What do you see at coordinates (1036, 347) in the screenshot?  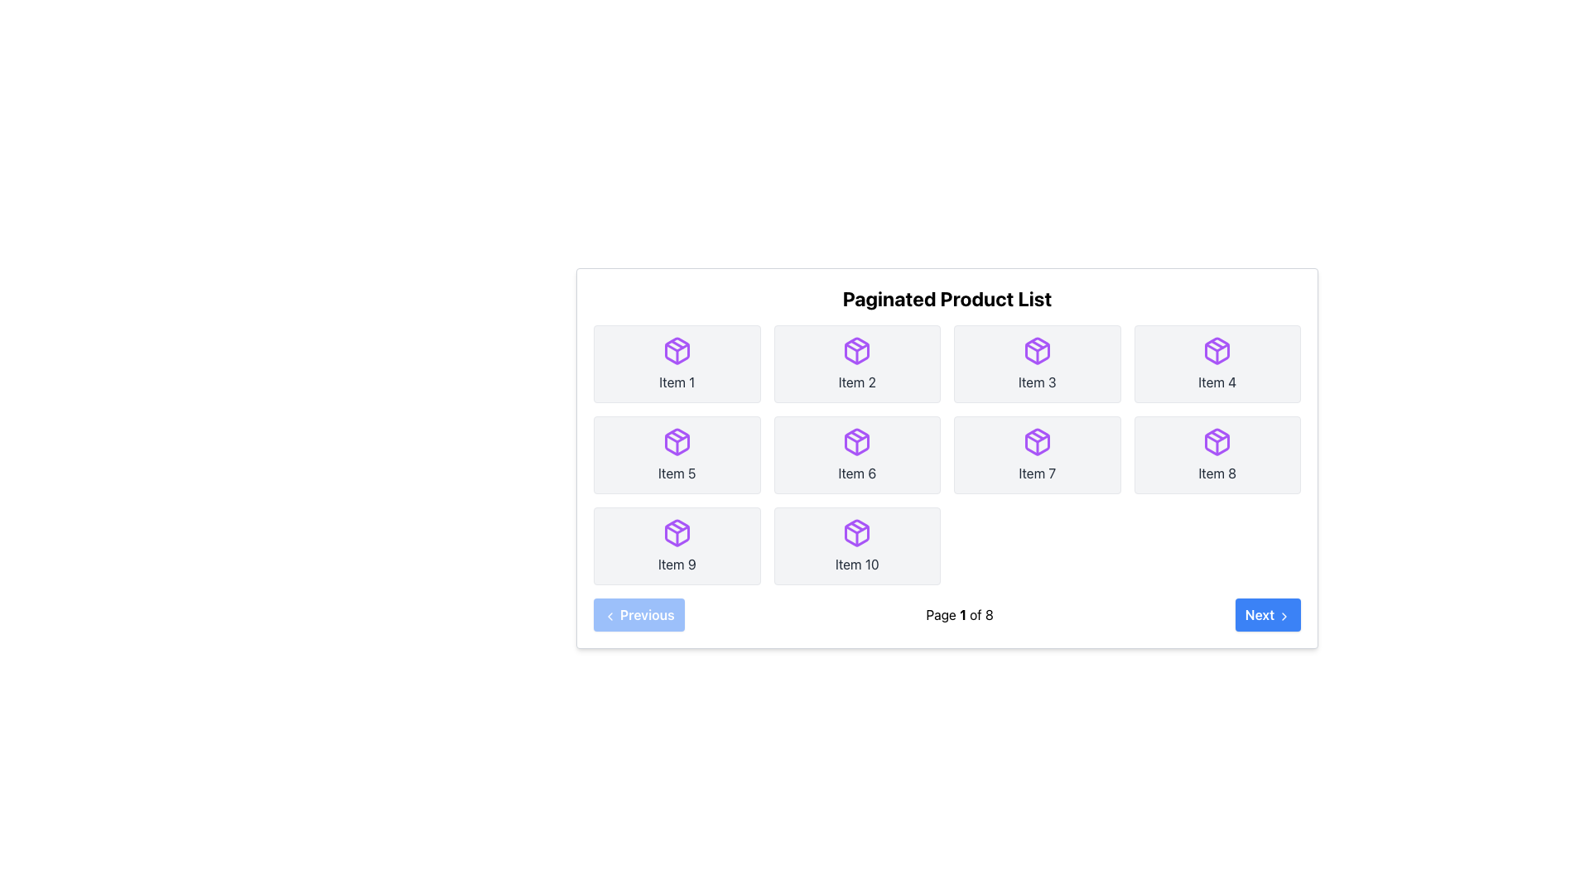 I see `the Decorative Component within 'Item 3' icon located in the first row and third column of the grid in the product list interface` at bounding box center [1036, 347].